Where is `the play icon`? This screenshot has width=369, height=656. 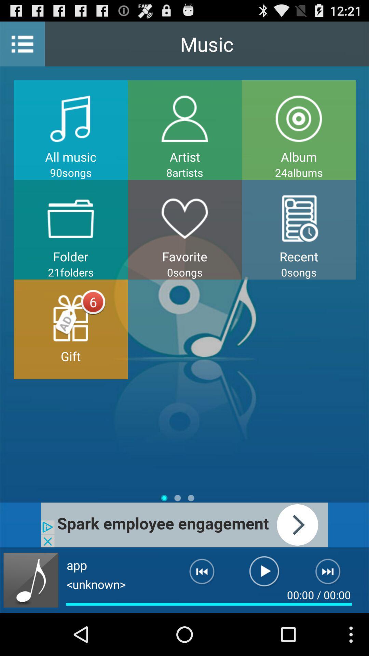 the play icon is located at coordinates (264, 615).